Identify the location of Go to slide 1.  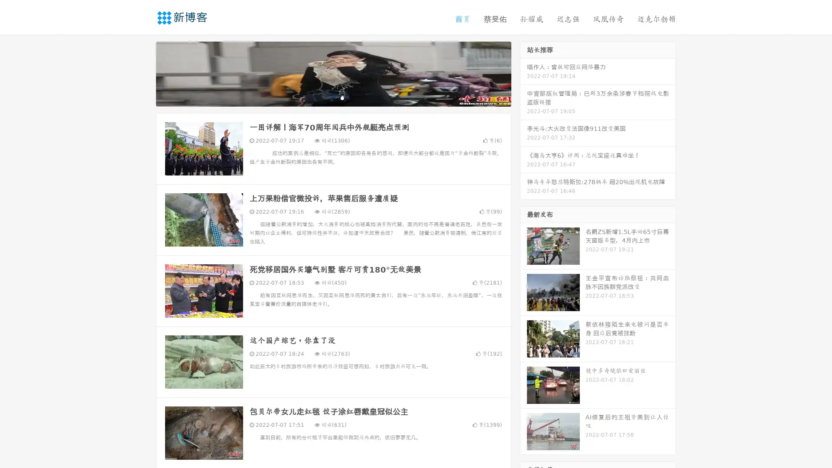
(324, 97).